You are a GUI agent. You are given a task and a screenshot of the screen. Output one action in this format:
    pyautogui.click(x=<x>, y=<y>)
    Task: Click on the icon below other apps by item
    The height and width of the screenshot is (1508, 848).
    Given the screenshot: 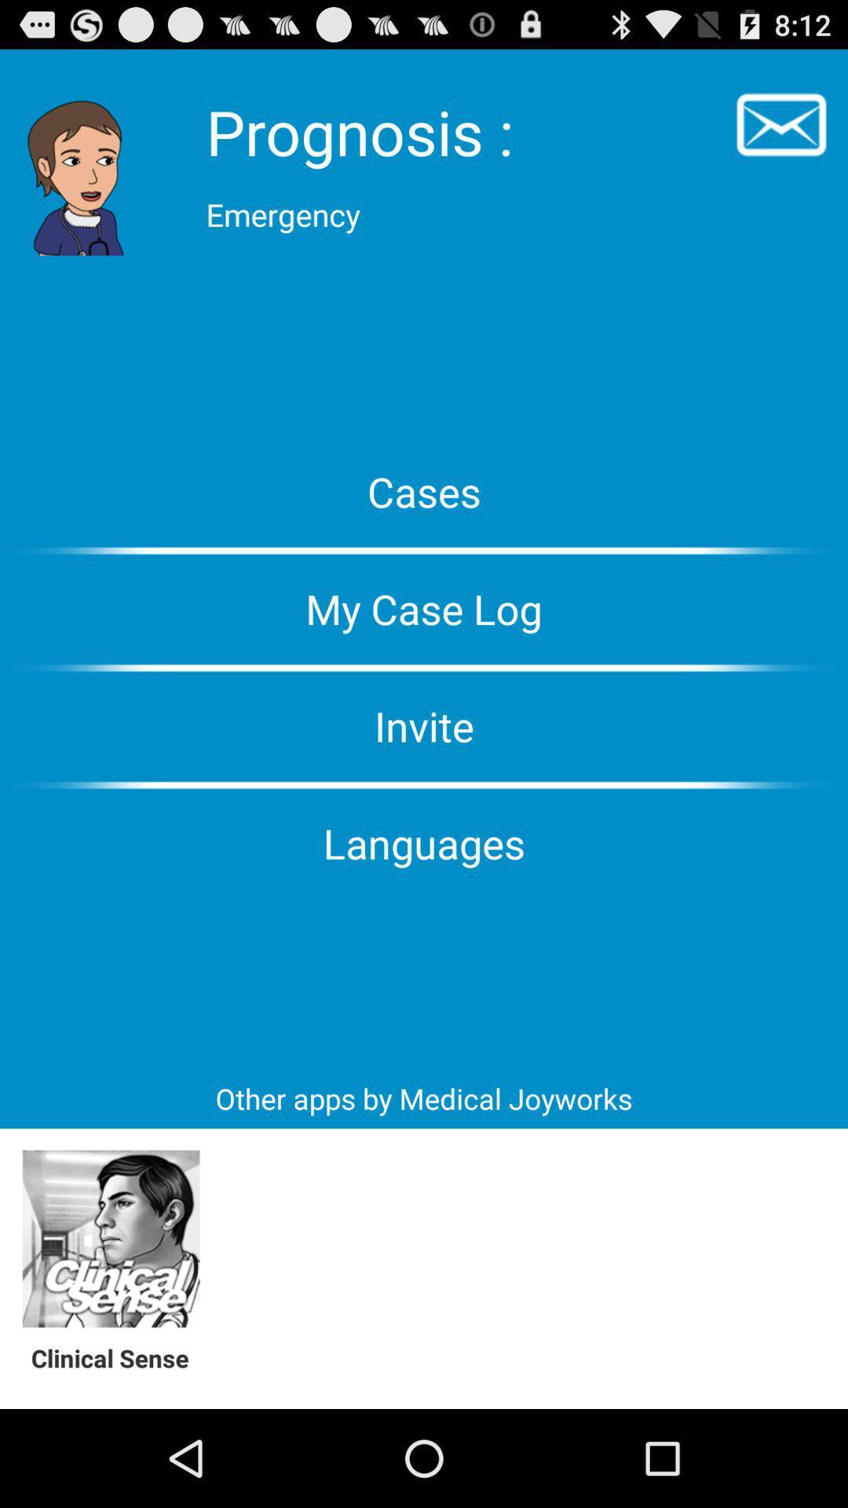 What is the action you would take?
    pyautogui.click(x=110, y=1239)
    